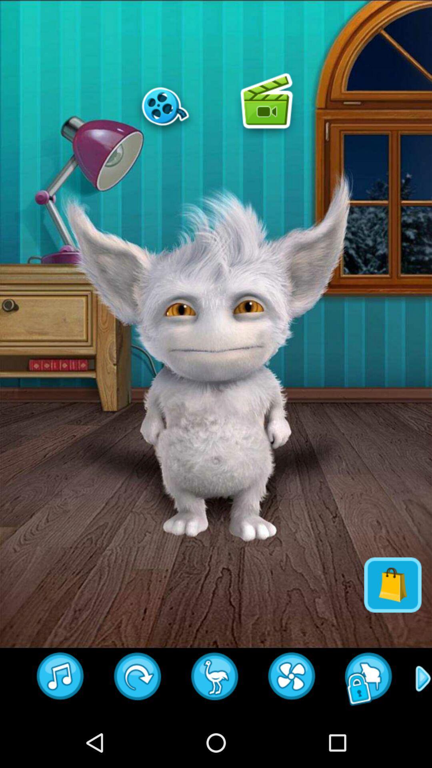 The image size is (432, 768). What do you see at coordinates (165, 106) in the screenshot?
I see `photo-reel option` at bounding box center [165, 106].